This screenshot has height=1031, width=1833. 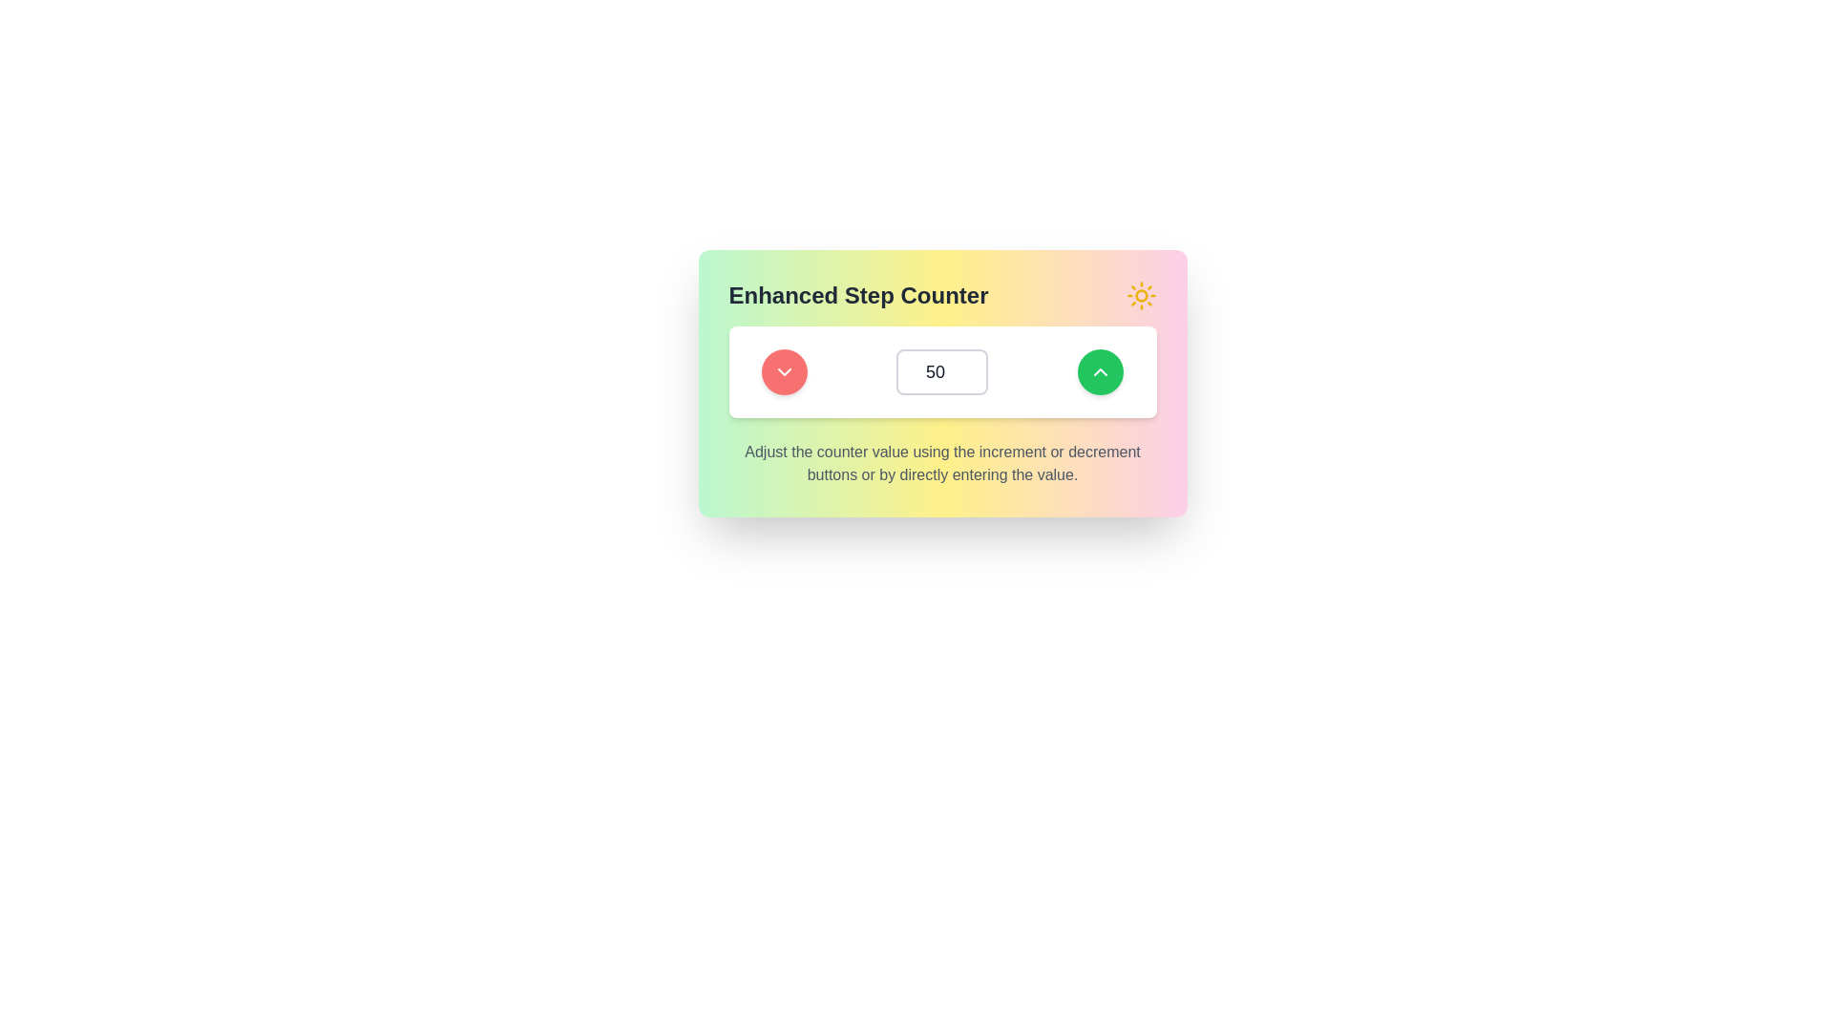 What do you see at coordinates (784, 371) in the screenshot?
I see `the button with a downward-facing chevron icon located on the left side of the rectangular box displaying the number '50'` at bounding box center [784, 371].